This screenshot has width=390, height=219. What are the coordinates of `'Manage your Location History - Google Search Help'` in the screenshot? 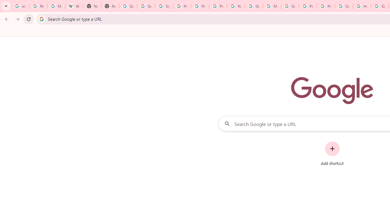 It's located at (56, 6).